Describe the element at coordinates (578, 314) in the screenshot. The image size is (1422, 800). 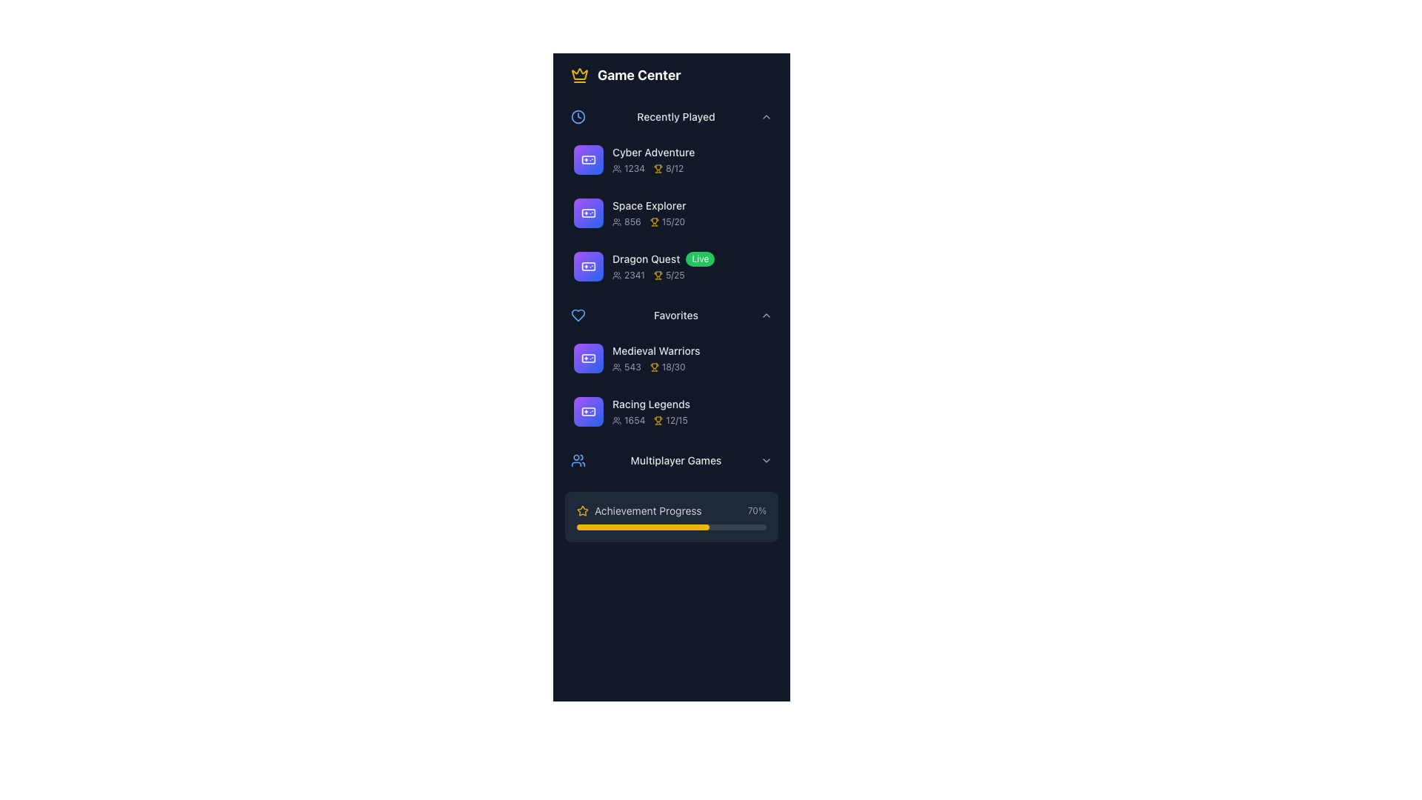
I see `the heart icon with a blue outline, located just to the left of the 'Favorites' section heading in the sidebar menu` at that location.